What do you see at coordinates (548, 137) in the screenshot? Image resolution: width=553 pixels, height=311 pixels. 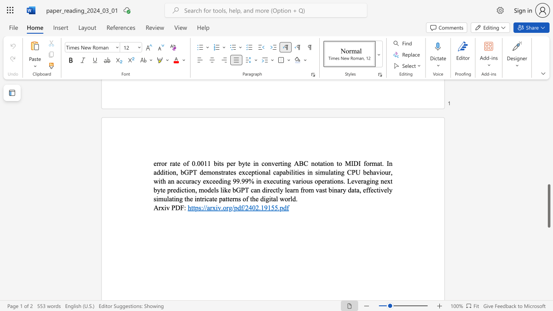 I see `the right-hand scrollbar to ascend the page` at bounding box center [548, 137].